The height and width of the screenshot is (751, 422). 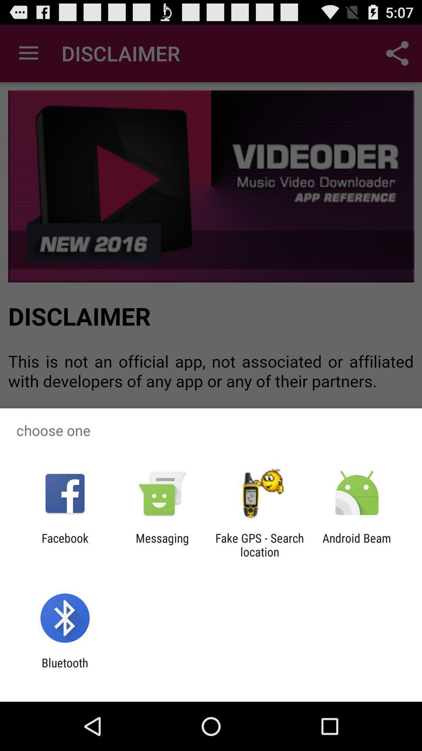 What do you see at coordinates (259, 544) in the screenshot?
I see `the app to the right of the messaging app` at bounding box center [259, 544].